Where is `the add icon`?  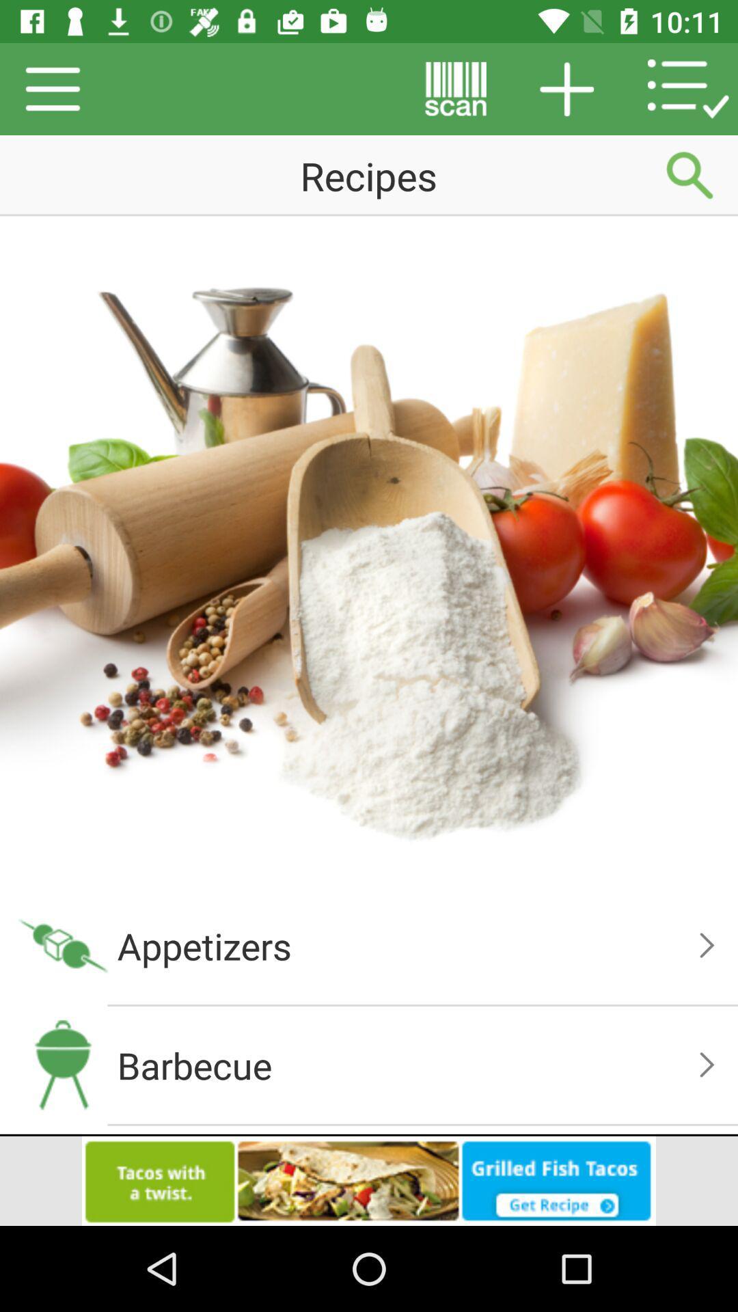 the add icon is located at coordinates (566, 88).